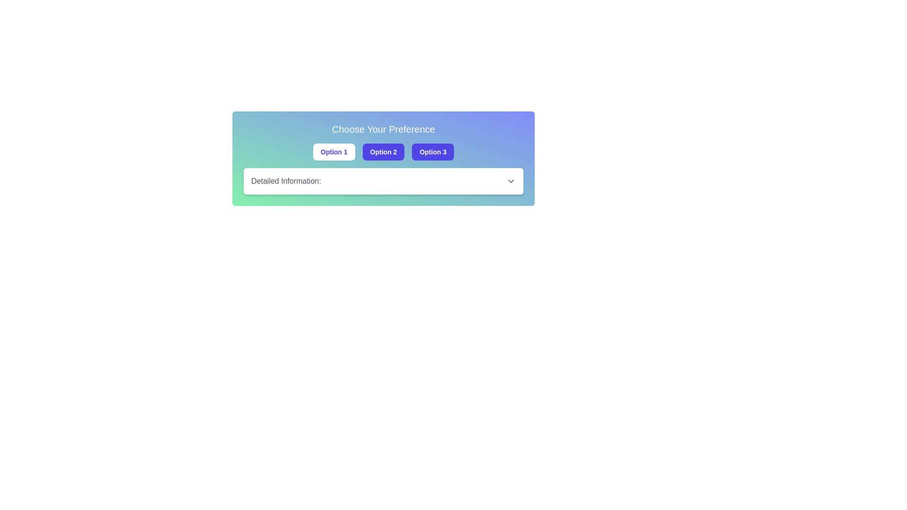 The image size is (907, 510). What do you see at coordinates (432, 151) in the screenshot?
I see `the 'Option 3' button located under the header 'Choose Your Preference' to trigger any hover effects` at bounding box center [432, 151].